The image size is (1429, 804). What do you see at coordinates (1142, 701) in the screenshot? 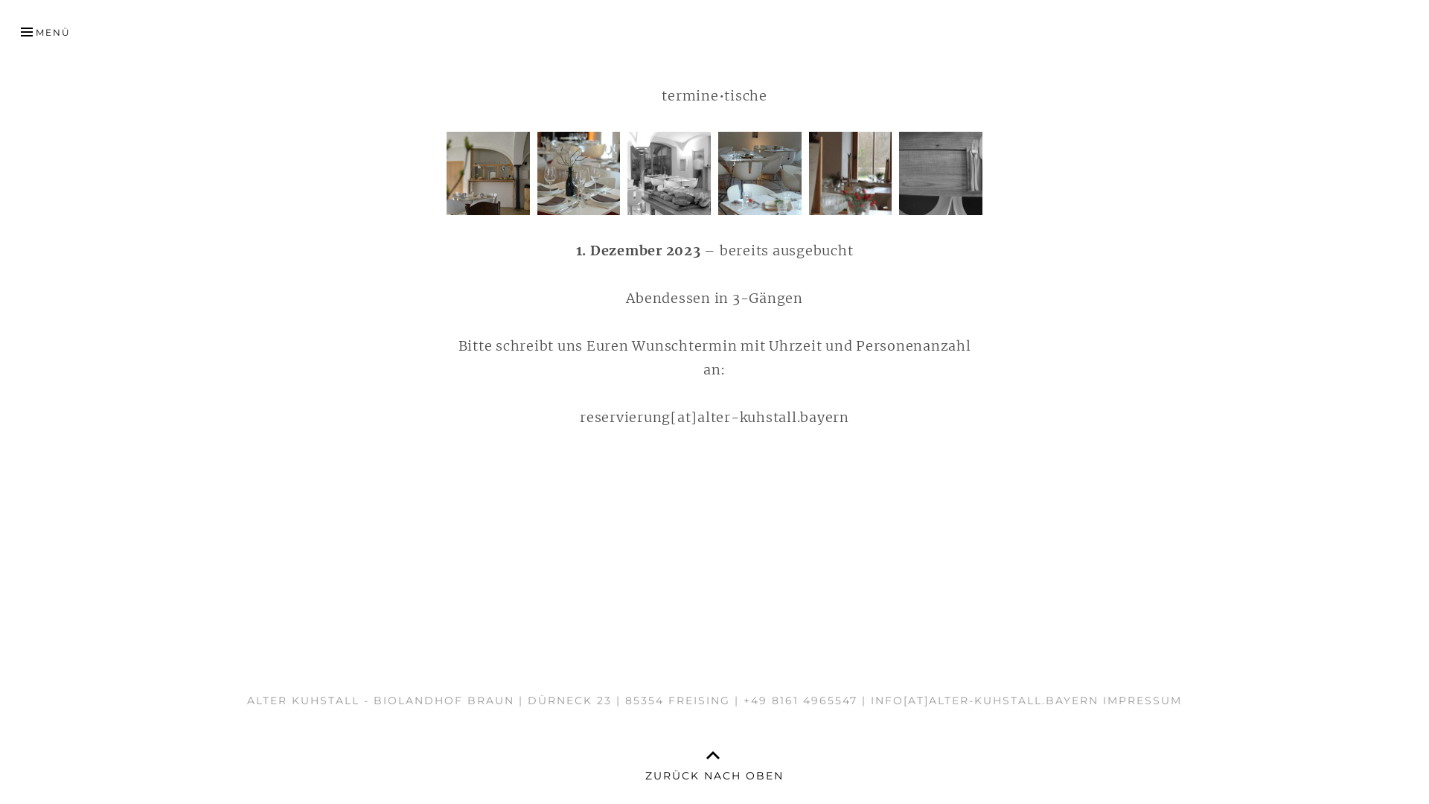
I see `'IMPRESSUM'` at bounding box center [1142, 701].